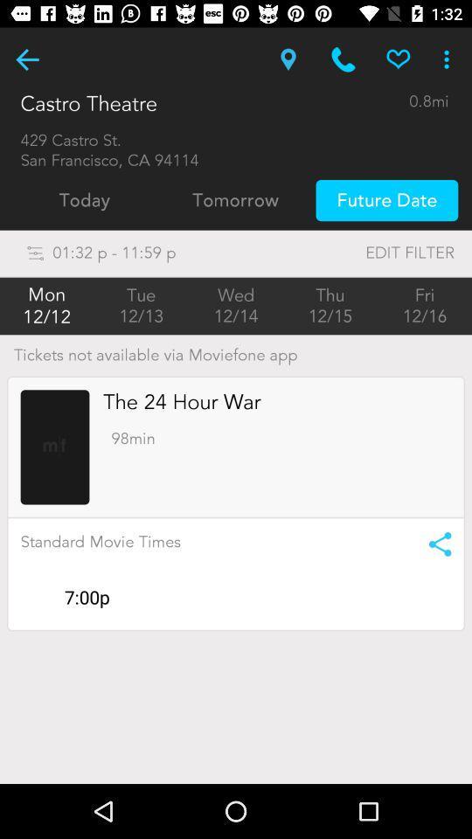 The image size is (472, 839). I want to click on the screenshot of the movie images, so click(55, 446).